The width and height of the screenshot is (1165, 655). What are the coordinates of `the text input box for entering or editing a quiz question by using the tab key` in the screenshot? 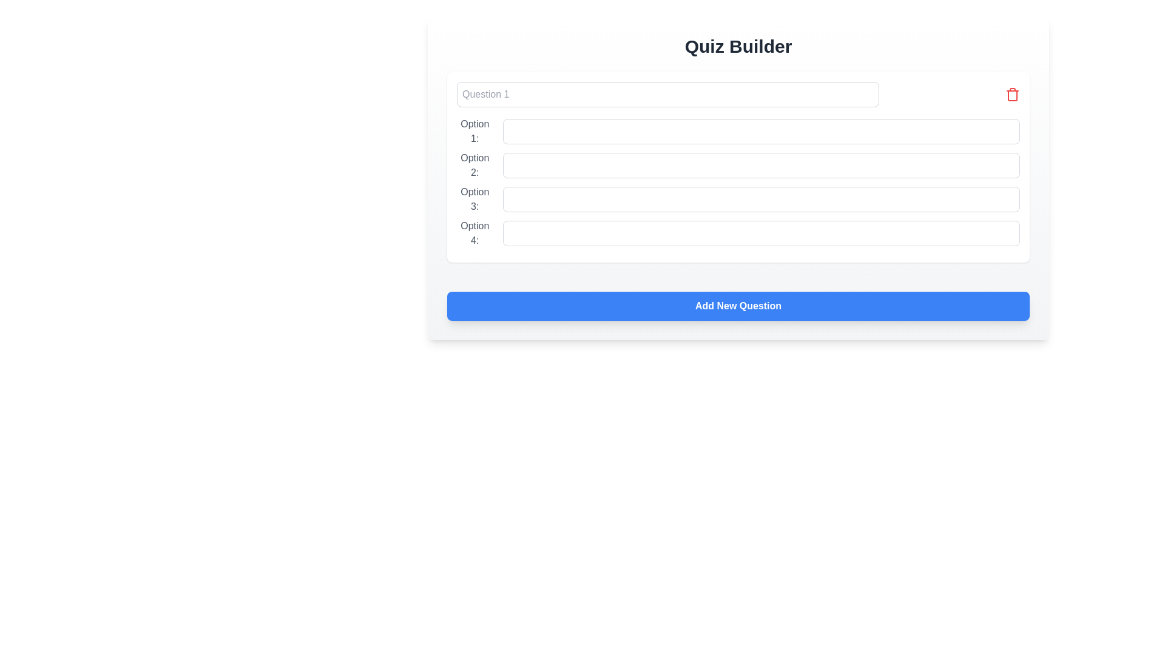 It's located at (667, 93).